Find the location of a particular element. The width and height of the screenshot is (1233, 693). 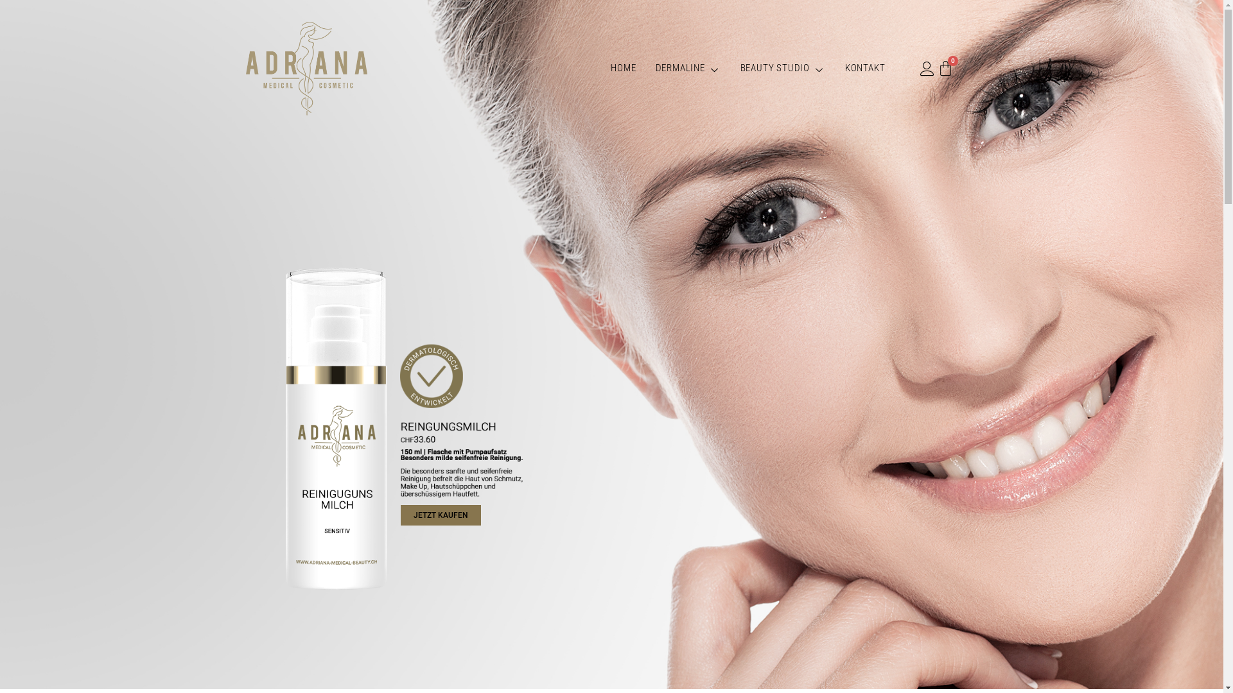

'HOME' is located at coordinates (600, 68).